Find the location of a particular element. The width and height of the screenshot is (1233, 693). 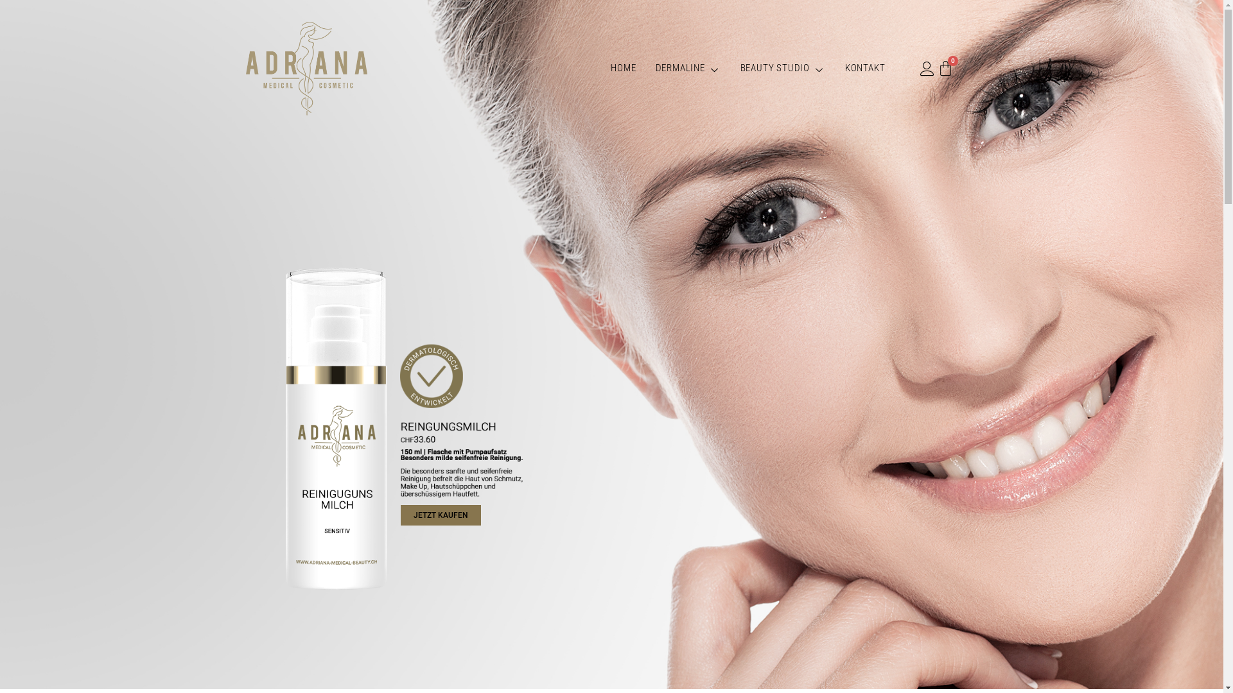

'HOME' is located at coordinates (600, 68).